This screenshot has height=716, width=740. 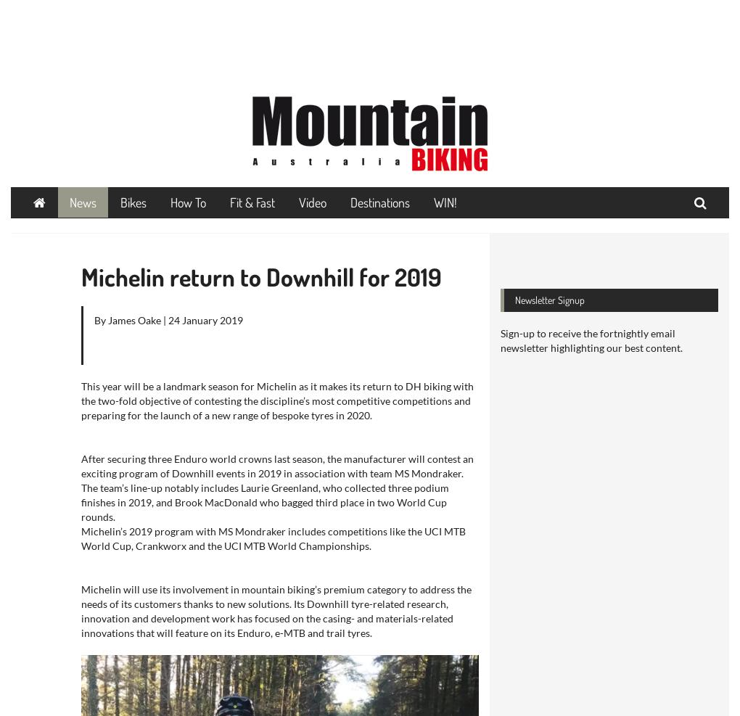 I want to click on 'Fit & Fast', so click(x=252, y=202).